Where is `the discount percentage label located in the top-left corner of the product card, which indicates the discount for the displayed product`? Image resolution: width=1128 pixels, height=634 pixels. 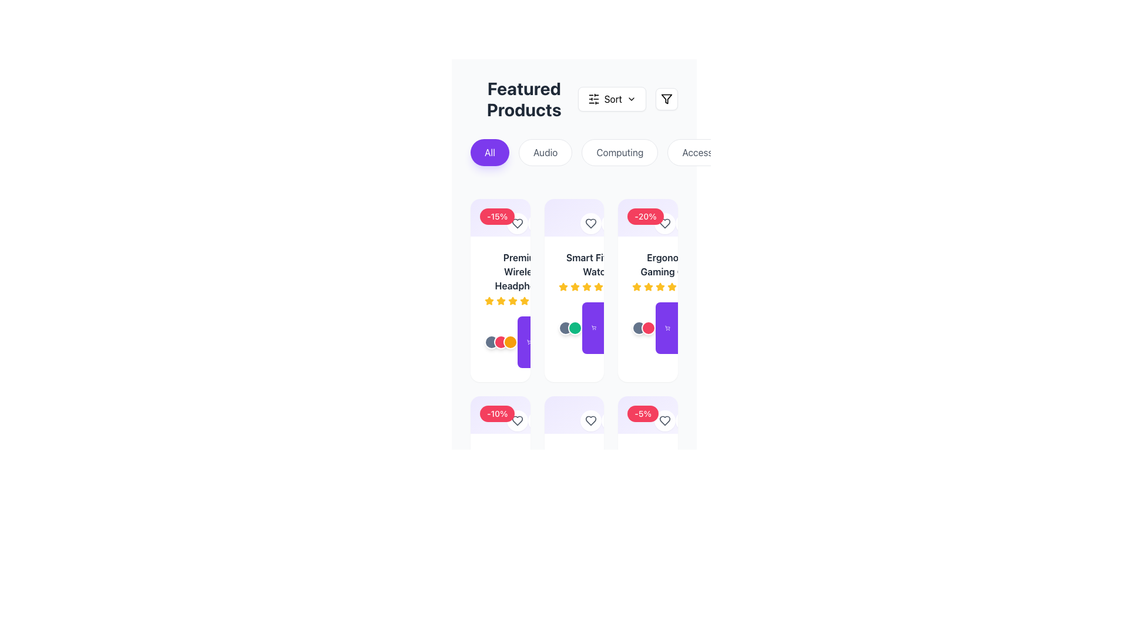
the discount percentage label located in the top-left corner of the product card, which indicates the discount for the displayed product is located at coordinates (647, 414).